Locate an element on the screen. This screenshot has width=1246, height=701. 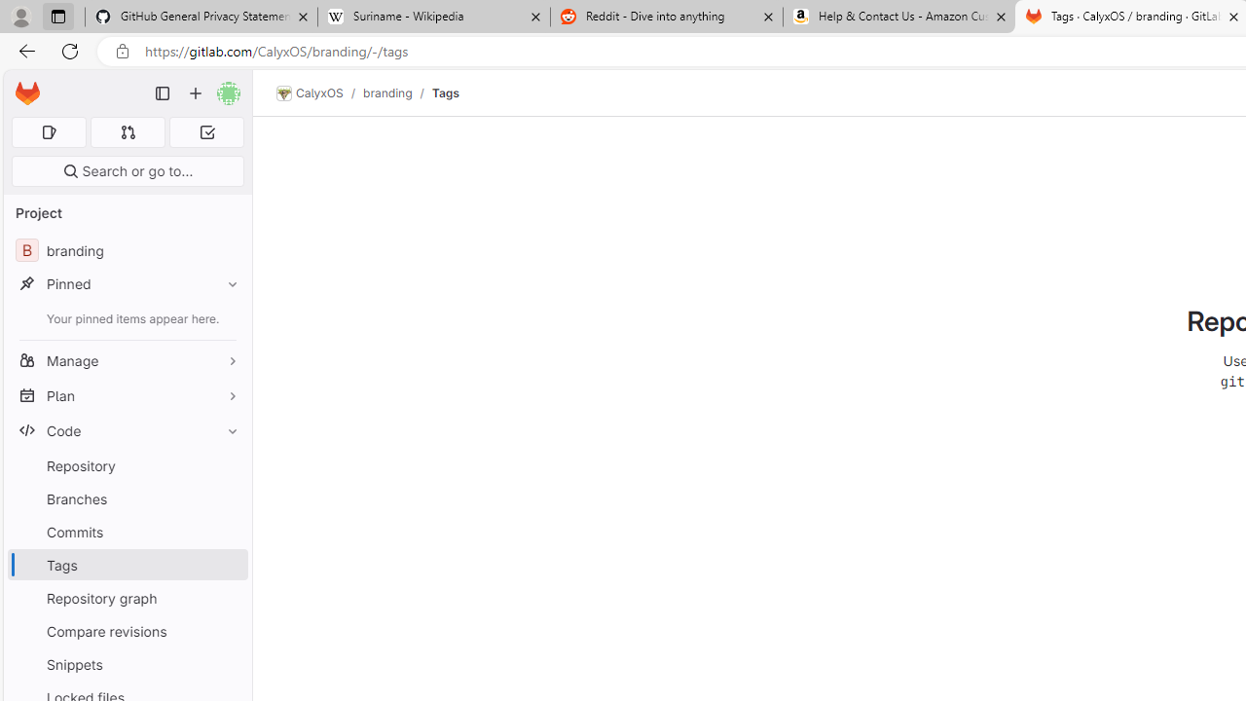
'GitHub General Privacy Statement - GitHub Docs' is located at coordinates (202, 17).